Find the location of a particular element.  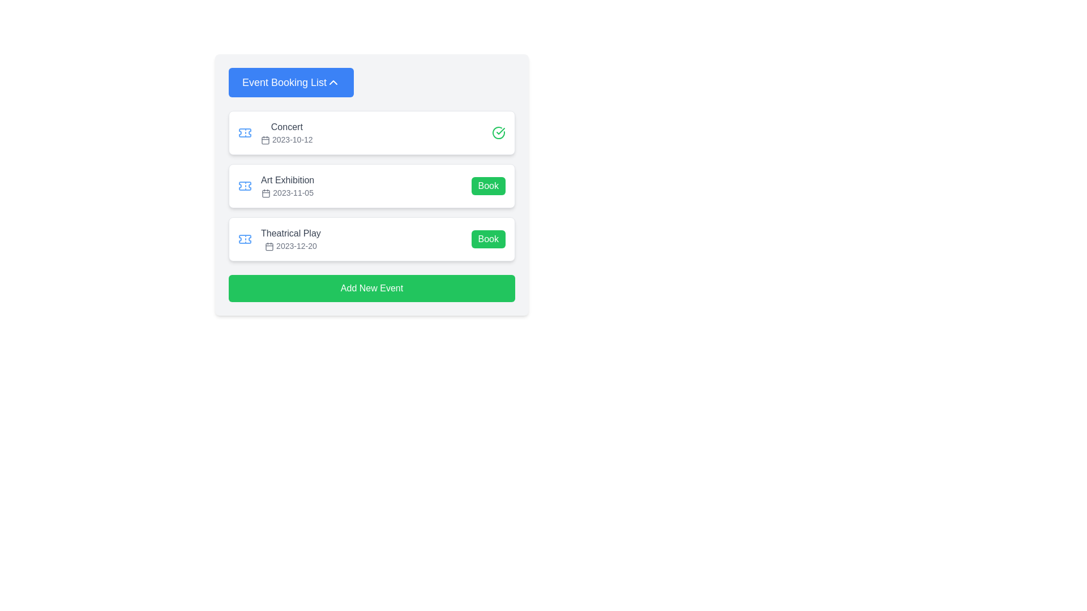

the chevron-up style icon in the header of the 'Event Booking List' section is located at coordinates (333, 82).